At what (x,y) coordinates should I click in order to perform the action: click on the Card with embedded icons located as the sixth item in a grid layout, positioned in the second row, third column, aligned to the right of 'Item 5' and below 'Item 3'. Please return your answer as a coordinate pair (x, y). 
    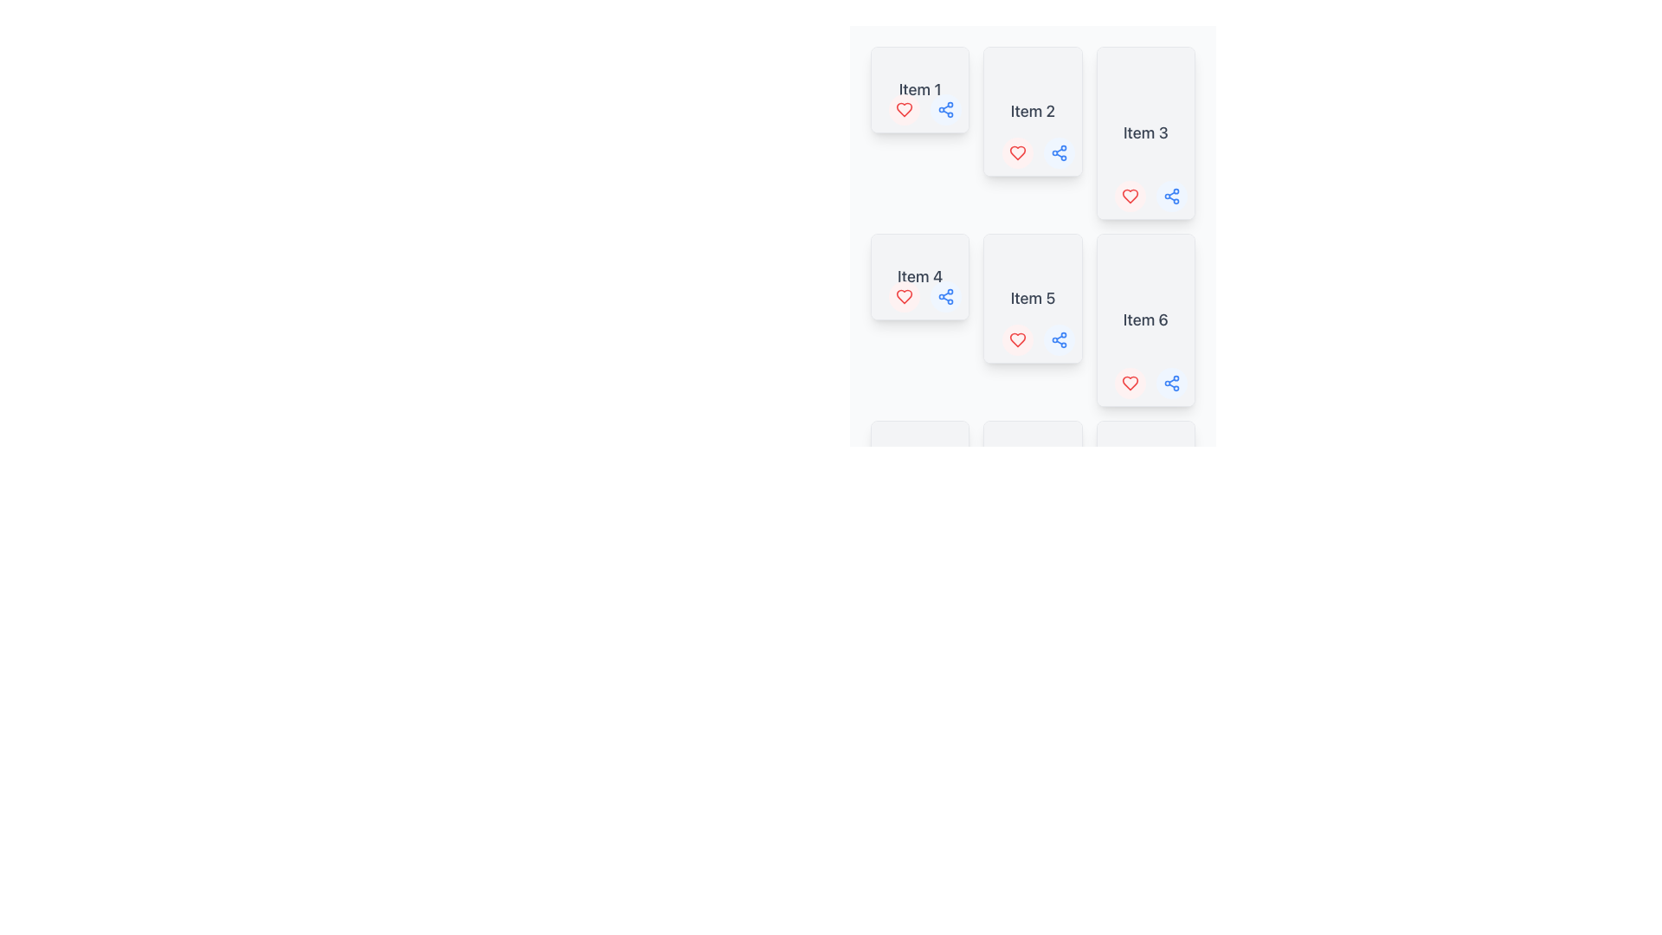
    Looking at the image, I should click on (1145, 320).